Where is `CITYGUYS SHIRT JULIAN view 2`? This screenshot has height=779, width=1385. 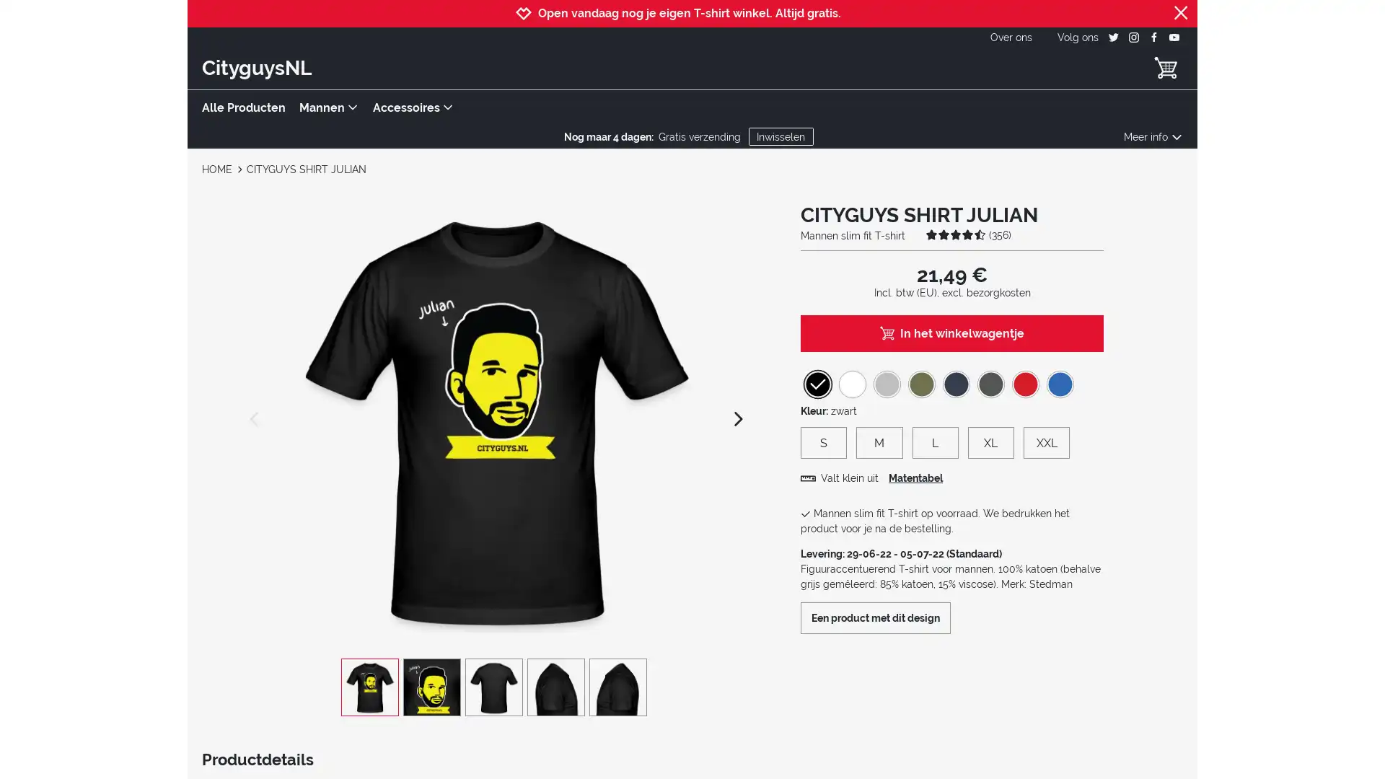 CITYGUYS SHIRT JULIAN view 2 is located at coordinates (431, 686).